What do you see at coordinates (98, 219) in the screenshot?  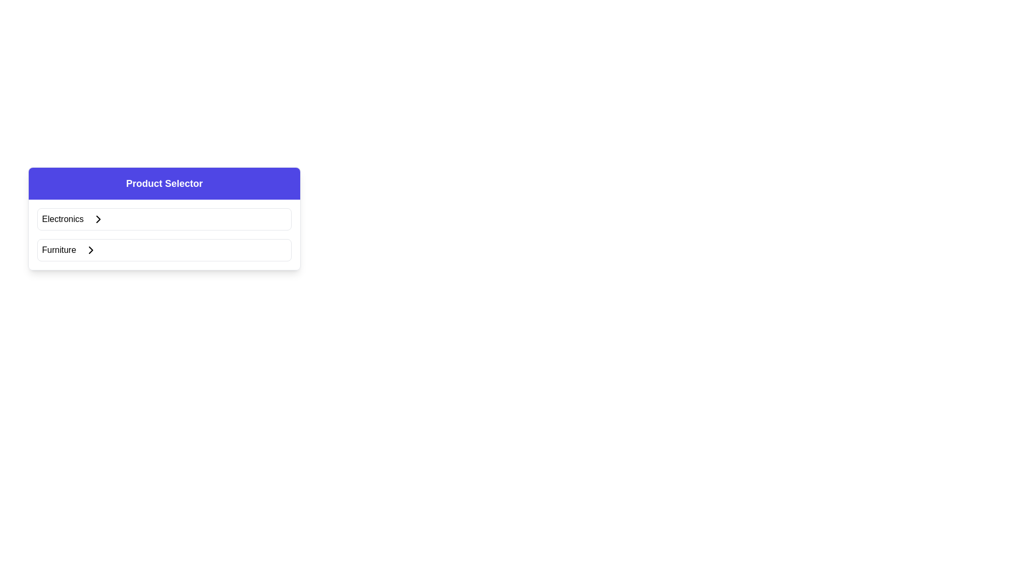 I see `the navigation icon located to the right of the 'Electronics' text` at bounding box center [98, 219].